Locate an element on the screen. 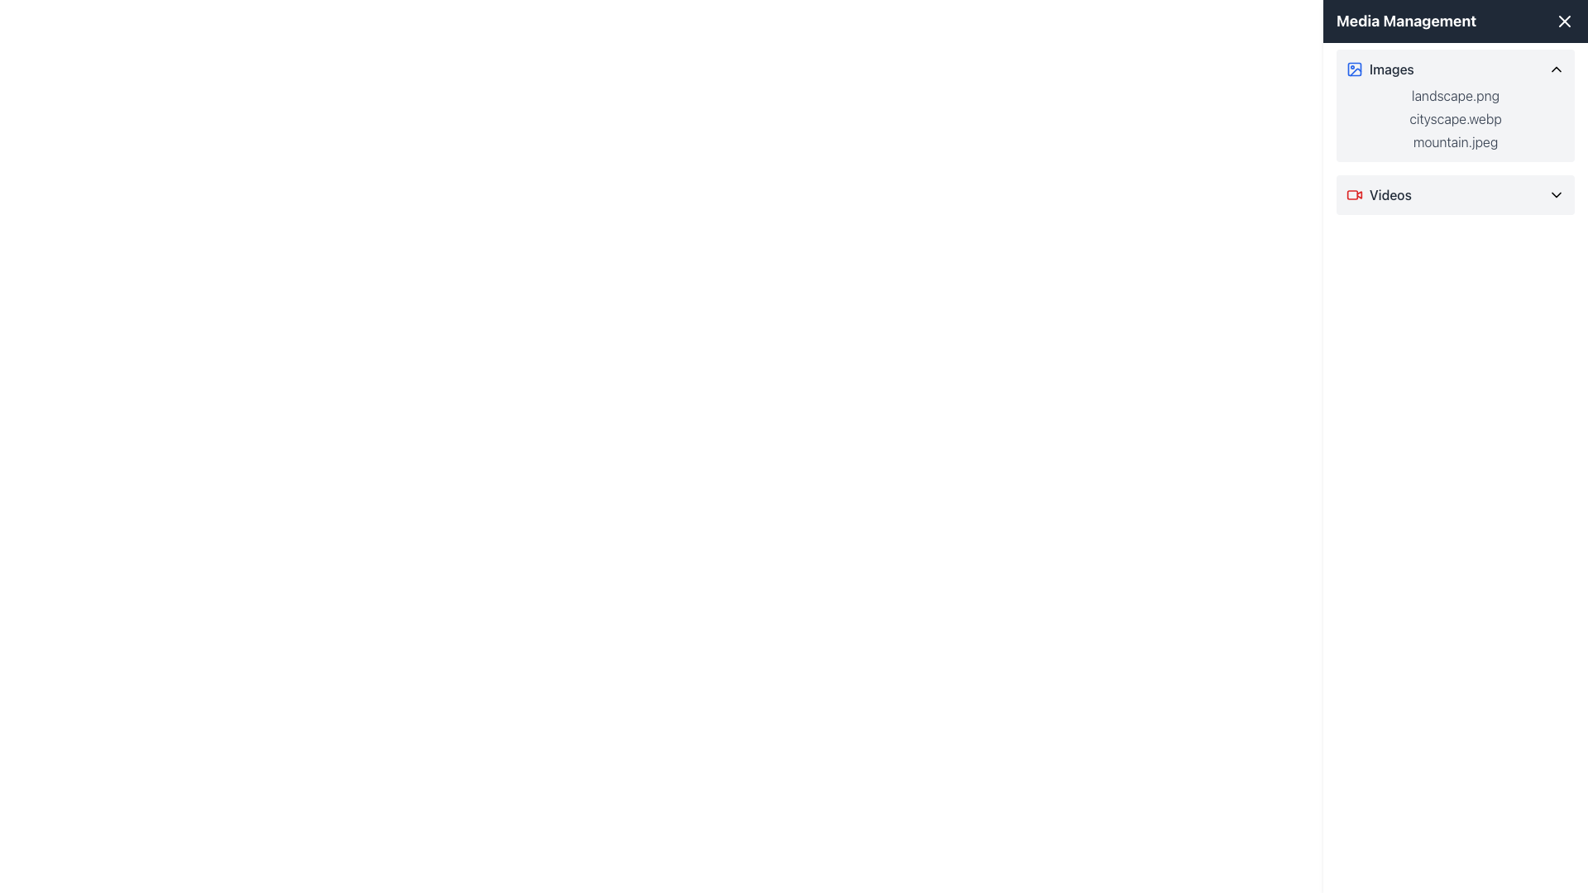 The image size is (1588, 893). the upward-pointing chevron icon with a black outline, which is associated with the 'Images' dropdown menu in the 'Media Management' side panel for UI feedback is located at coordinates (1555, 69).